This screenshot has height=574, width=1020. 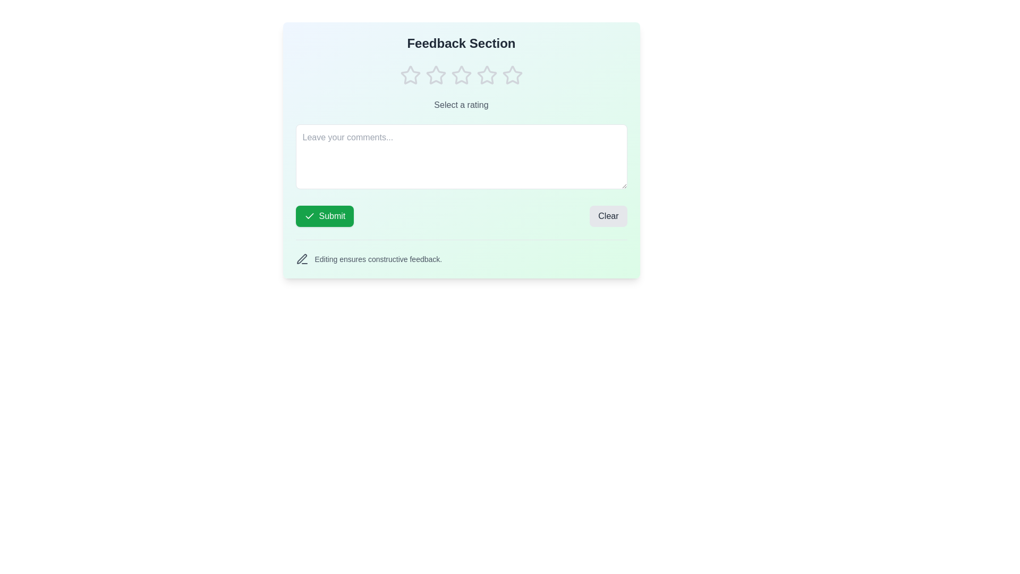 What do you see at coordinates (512, 75) in the screenshot?
I see `the fifth star icon in the rating component` at bounding box center [512, 75].